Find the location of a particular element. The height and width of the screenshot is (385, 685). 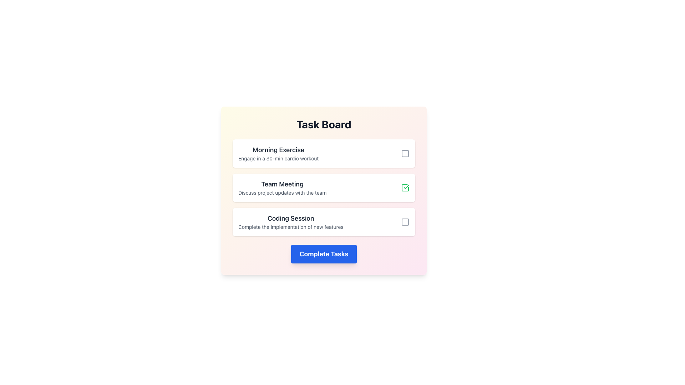

the Vector Graphic icon associated with the 'Team Meeting' task in the second row of the task list interface to indicate that the task is selected or completed is located at coordinates (406, 186).